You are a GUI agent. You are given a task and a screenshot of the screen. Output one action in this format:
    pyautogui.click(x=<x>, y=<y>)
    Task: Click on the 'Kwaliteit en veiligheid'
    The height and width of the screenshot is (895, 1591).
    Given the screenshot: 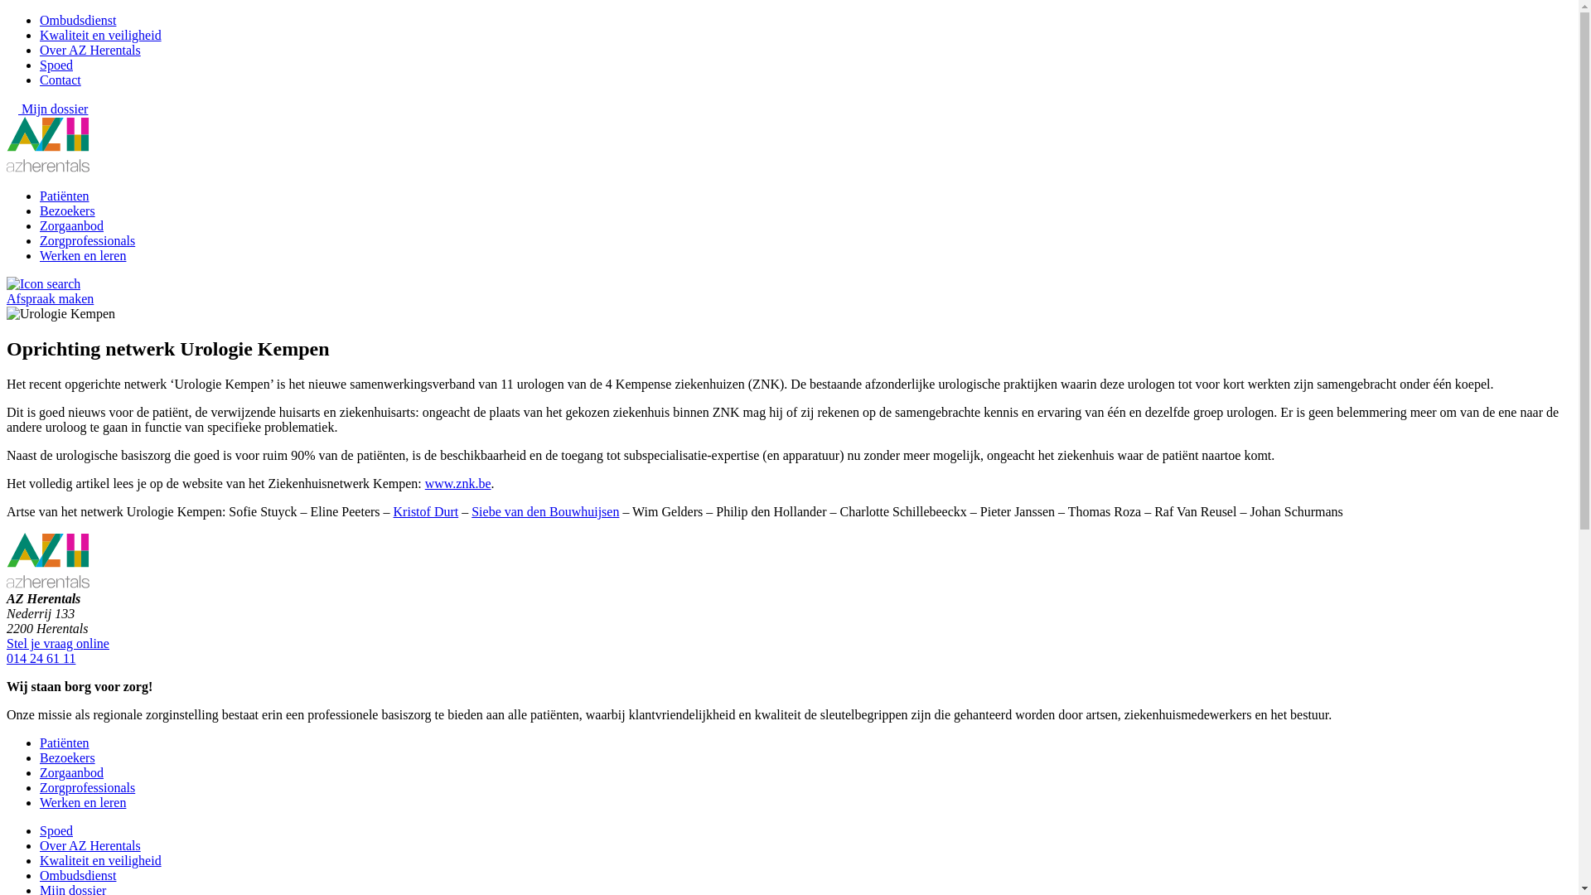 What is the action you would take?
    pyautogui.click(x=40, y=35)
    